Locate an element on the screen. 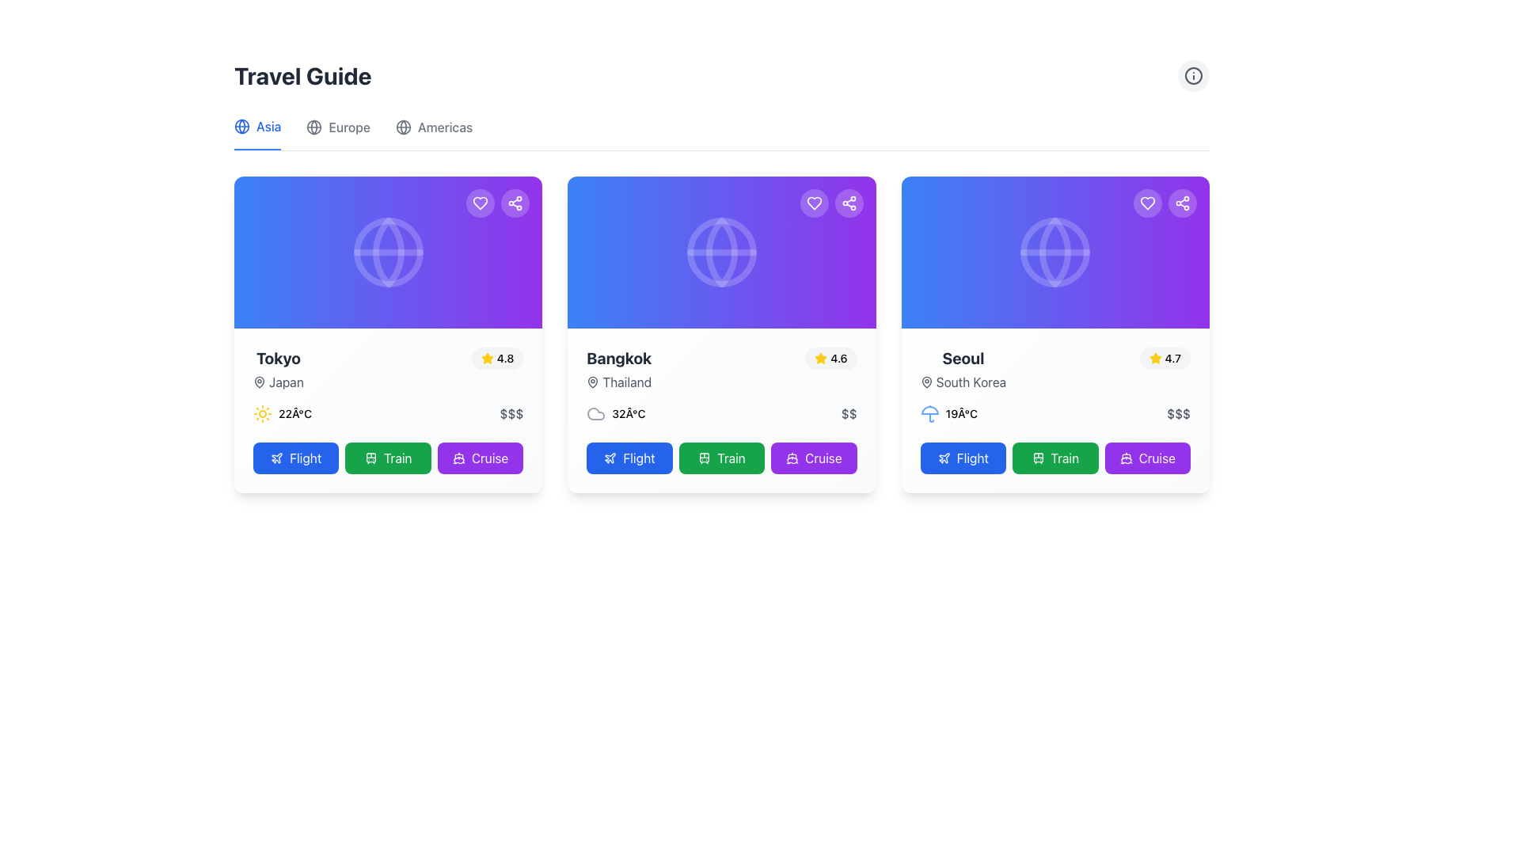 Image resolution: width=1520 pixels, height=855 pixels. the weather icon located in the top-right corner of the second card from the left in the main content area to comprehend related information is located at coordinates (595, 413).